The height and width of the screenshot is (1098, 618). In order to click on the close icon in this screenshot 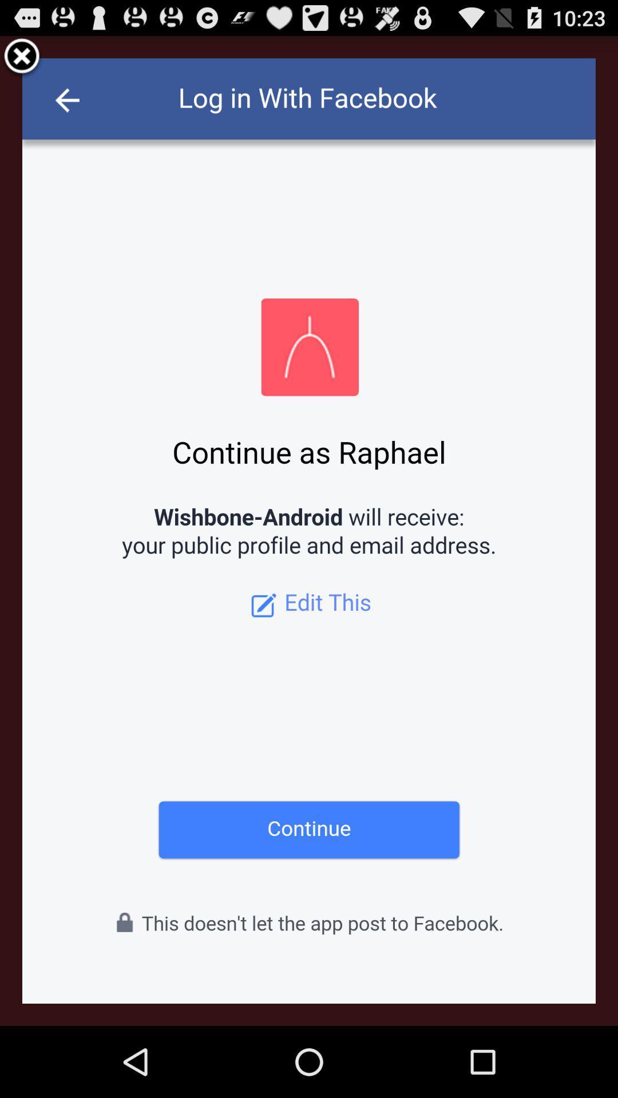, I will do `click(22, 61)`.